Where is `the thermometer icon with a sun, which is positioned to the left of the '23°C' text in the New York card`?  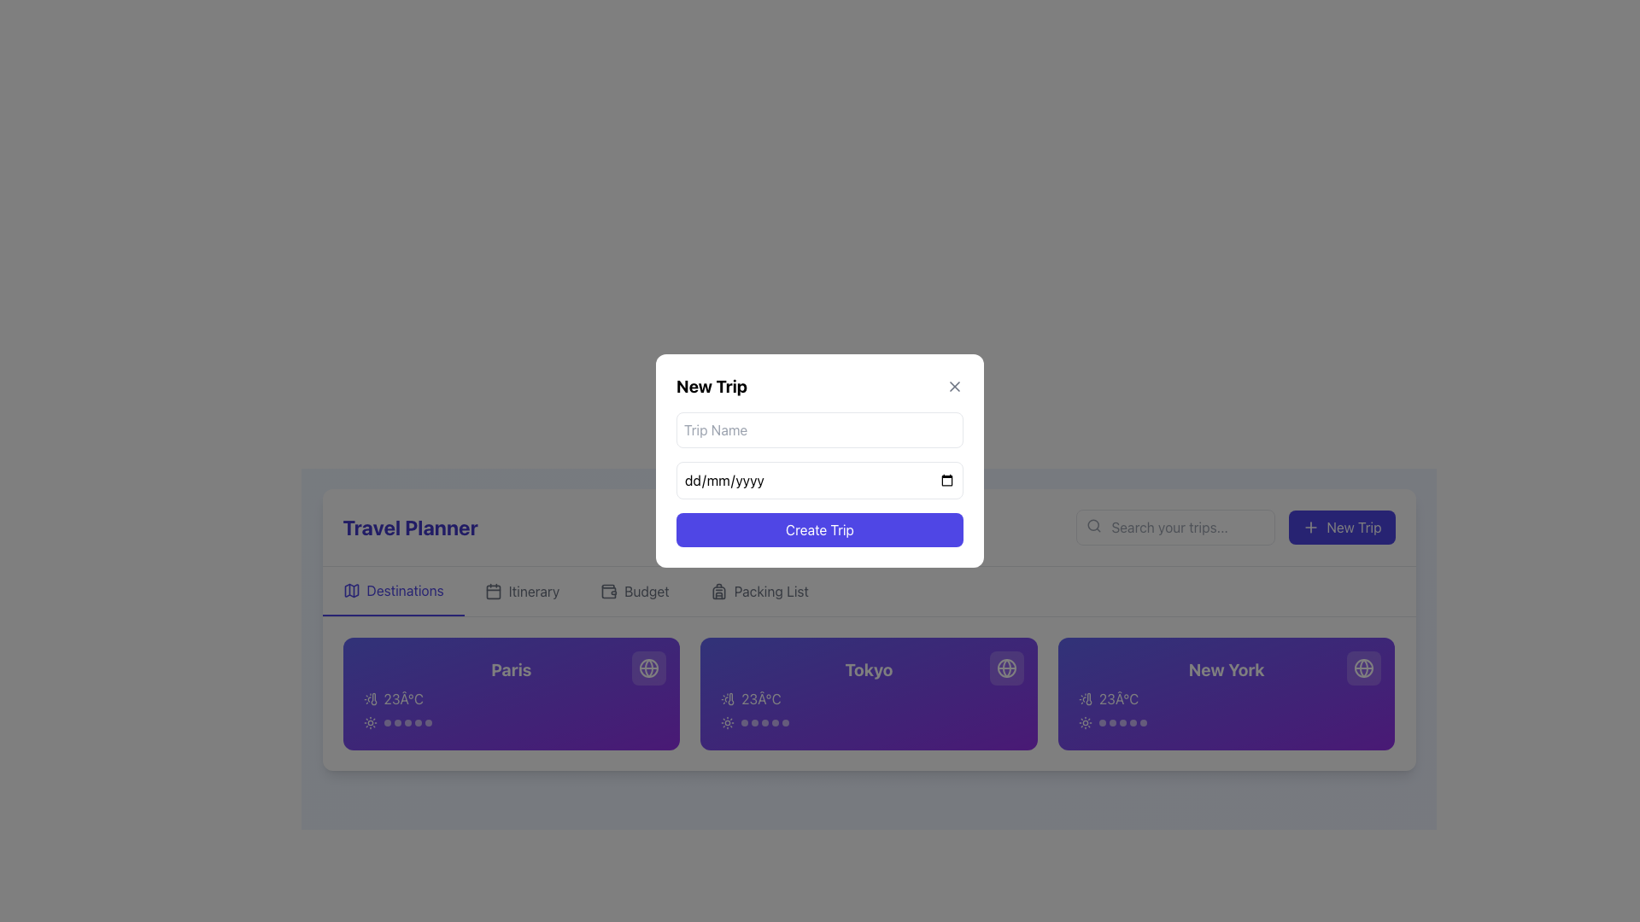 the thermometer icon with a sun, which is positioned to the left of the '23°C' text in the New York card is located at coordinates (1084, 698).